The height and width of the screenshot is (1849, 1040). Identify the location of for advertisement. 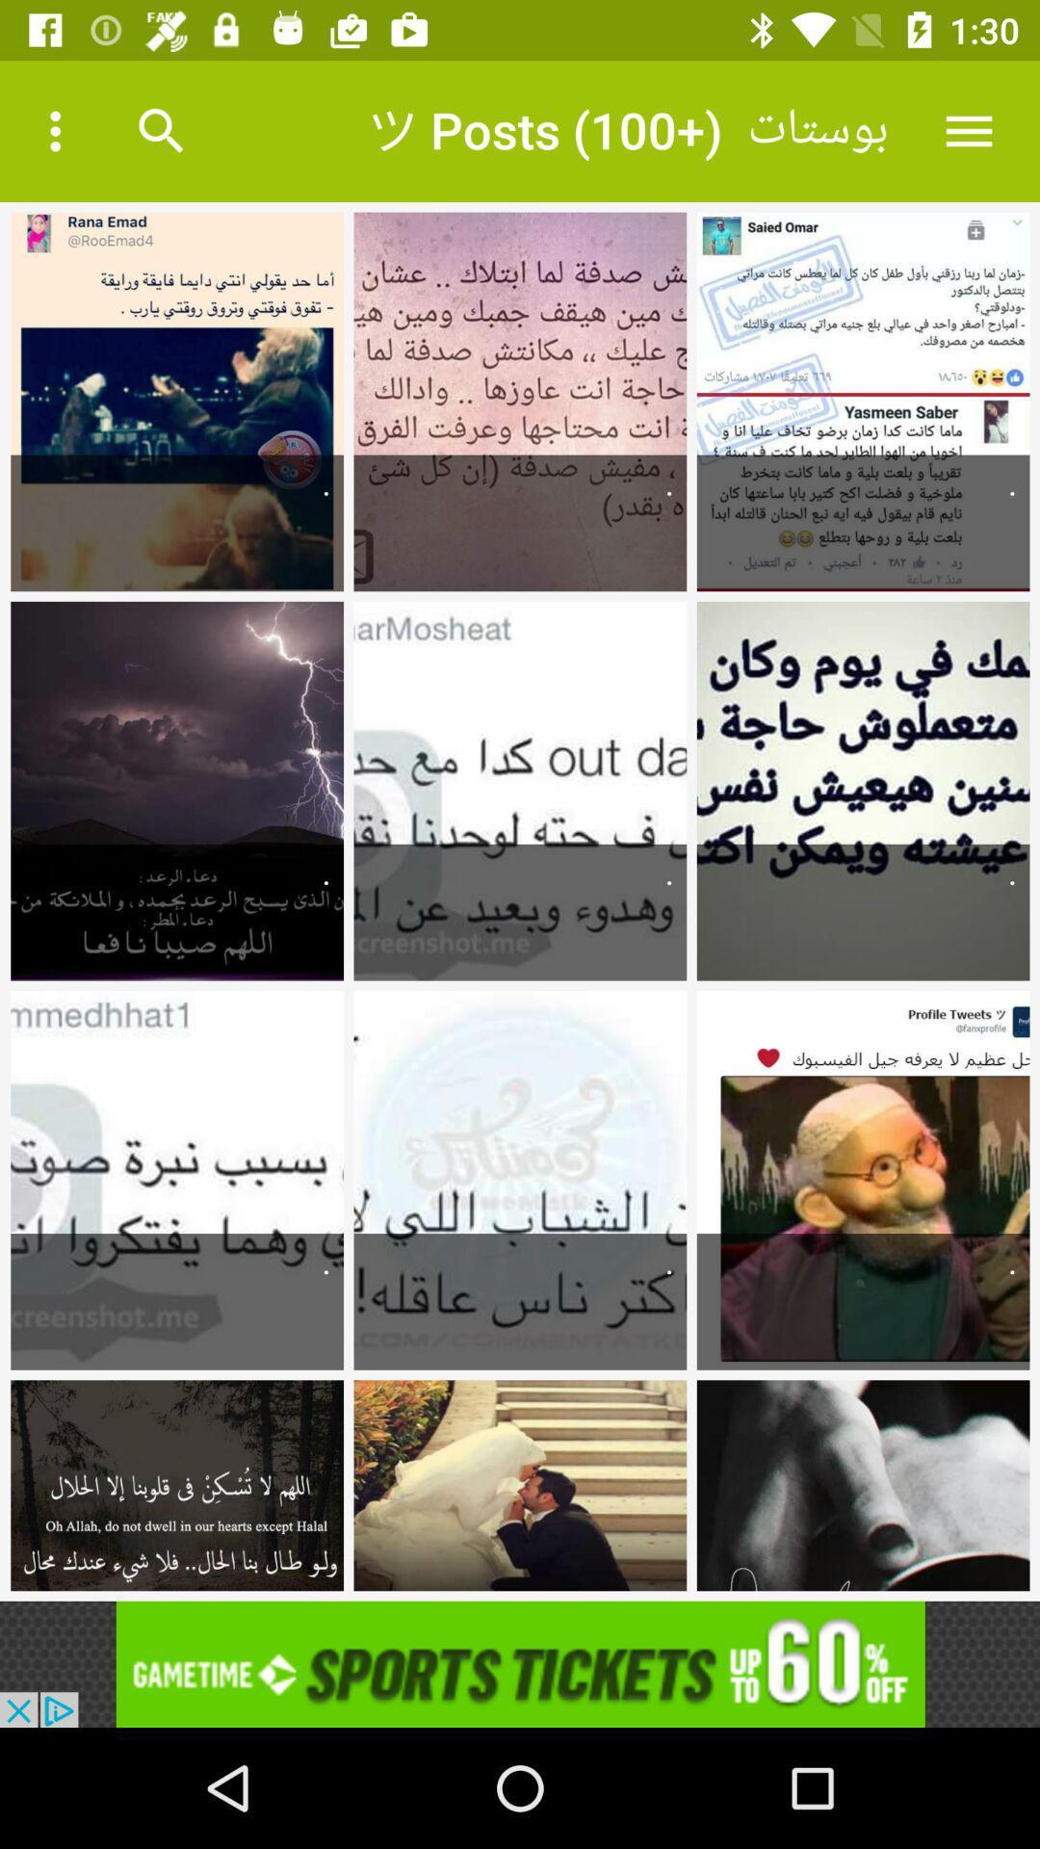
(520, 1663).